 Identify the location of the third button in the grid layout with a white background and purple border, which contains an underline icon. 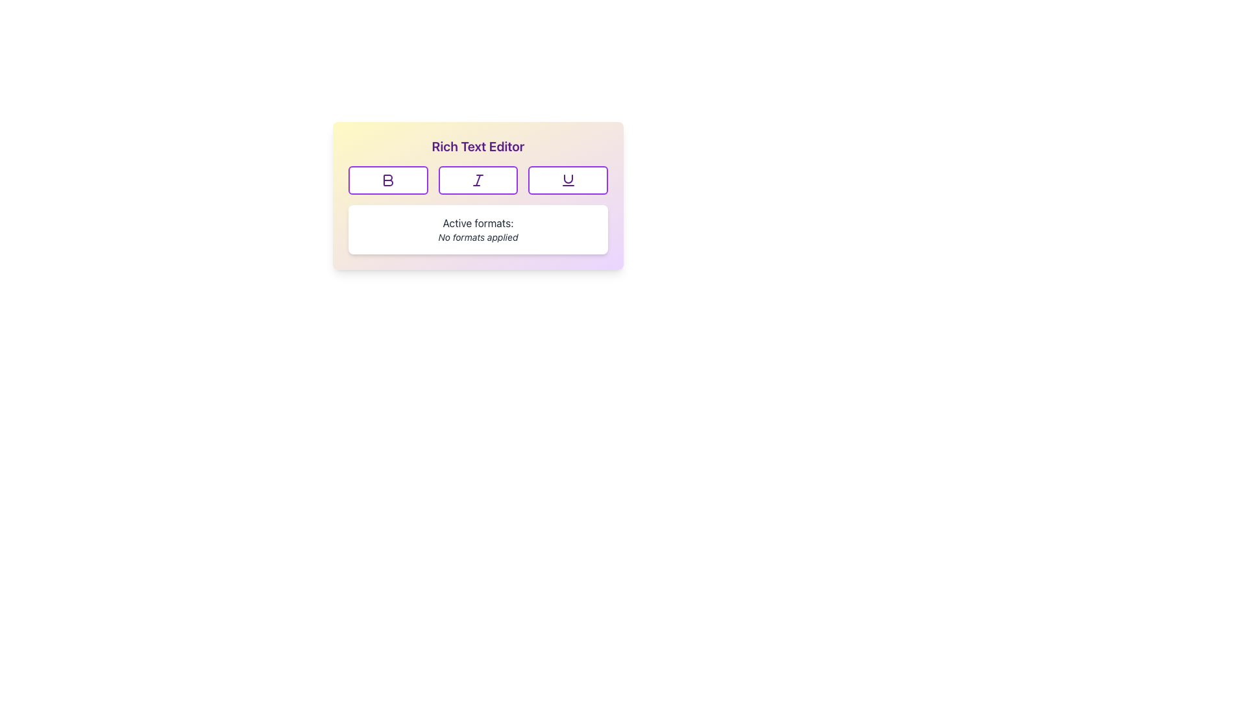
(568, 180).